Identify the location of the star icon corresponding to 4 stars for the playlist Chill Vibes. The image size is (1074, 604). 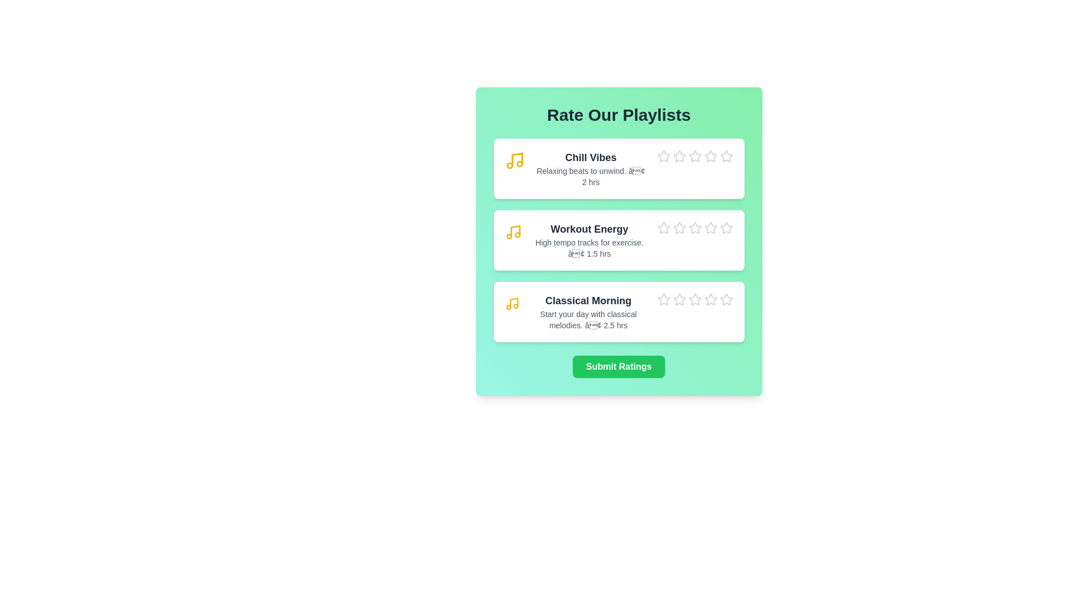
(703, 149).